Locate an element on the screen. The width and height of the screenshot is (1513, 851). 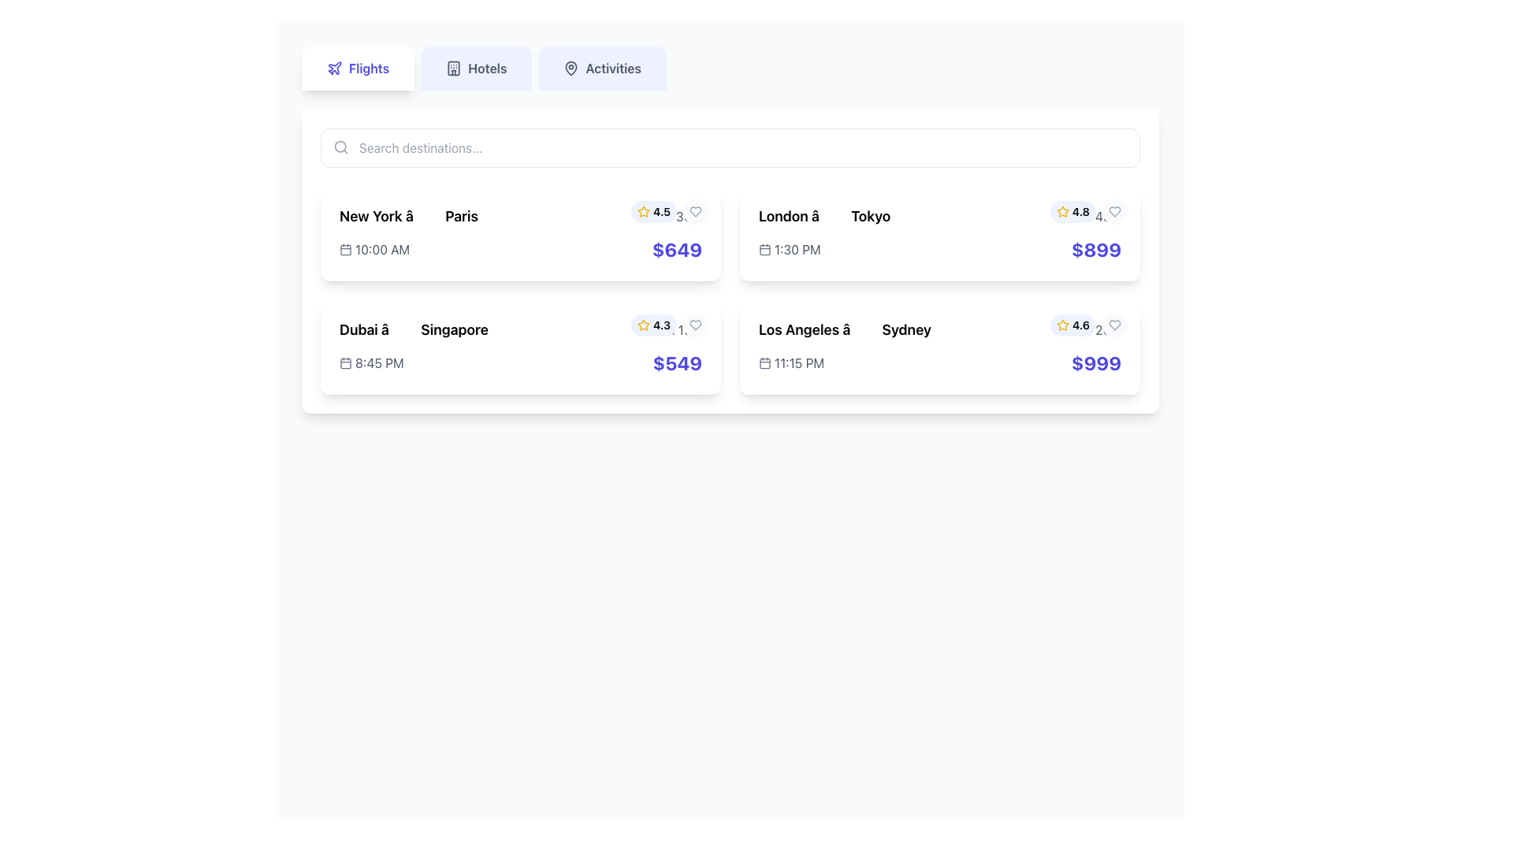
the heart icon located at the top-right corner of the second card in the second row, which corresponds to a travel itinerary for a flight from 'Los Angeles' to 'Sydney' is located at coordinates (1114, 324).